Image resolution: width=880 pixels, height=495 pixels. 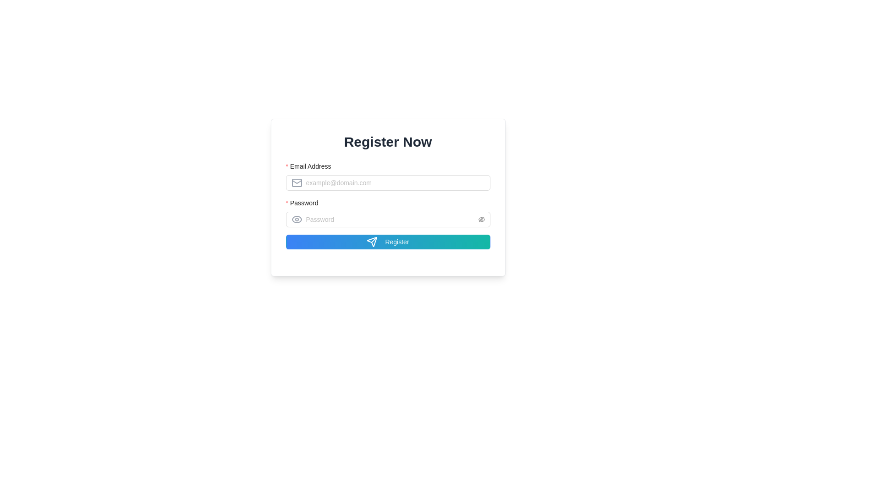 What do you see at coordinates (297, 182) in the screenshot?
I see `the contextual icon indicating the purpose of the email input field in the registration form` at bounding box center [297, 182].